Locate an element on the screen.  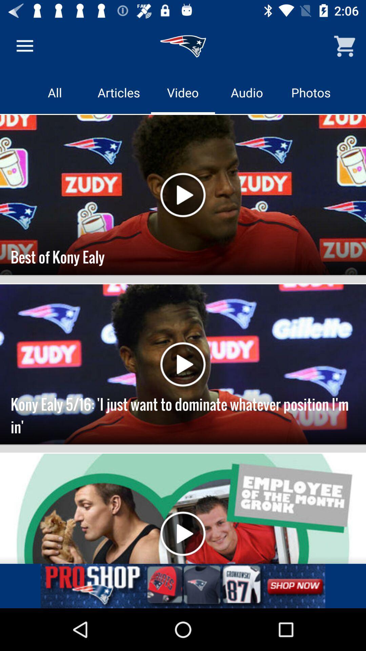
linked button is located at coordinates (183, 586).